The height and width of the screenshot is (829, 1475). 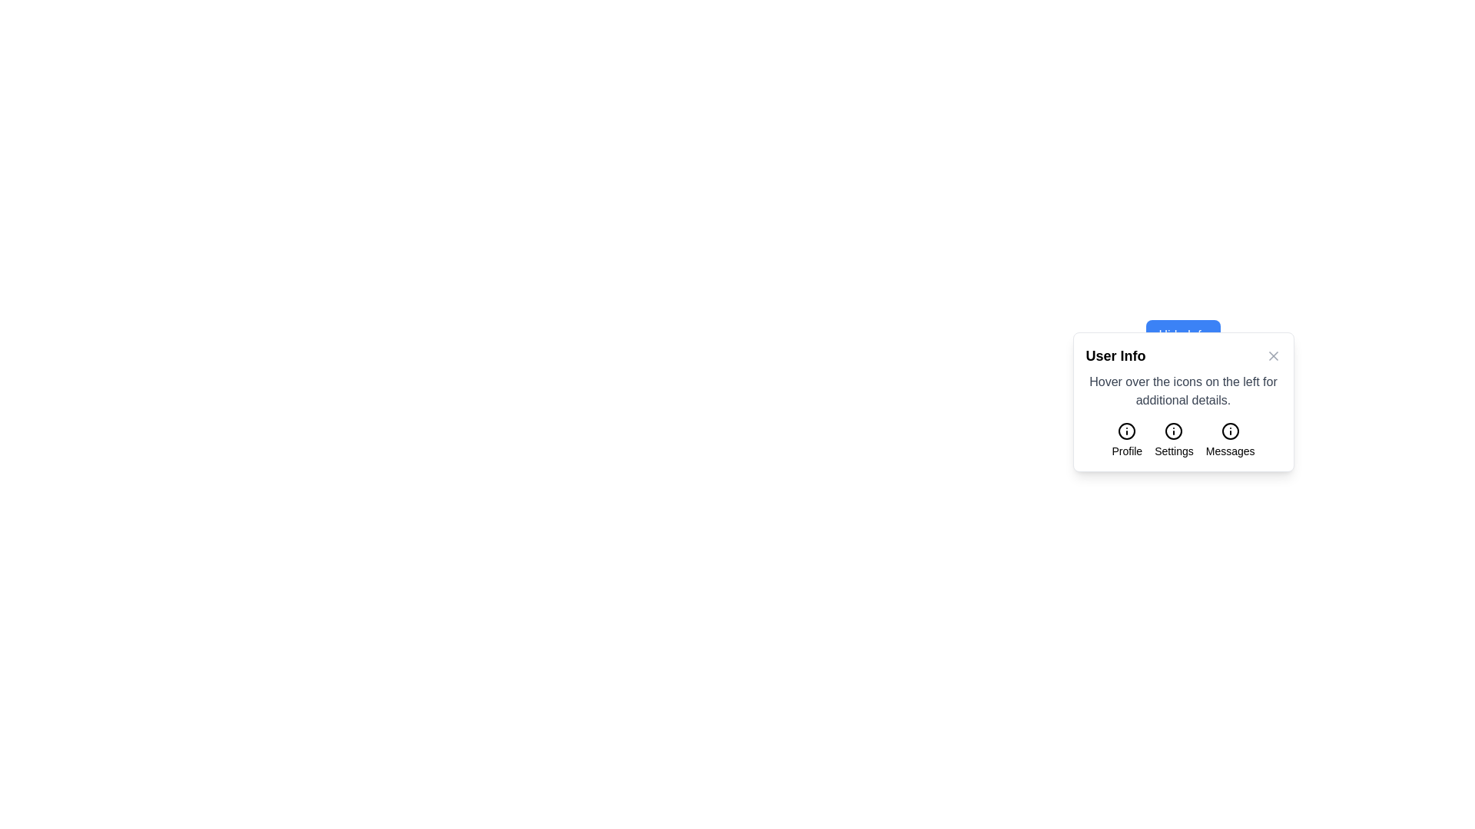 I want to click on text label displaying 'Messages' which is centrally aligned below an icon in a small font, so click(x=1230, y=450).